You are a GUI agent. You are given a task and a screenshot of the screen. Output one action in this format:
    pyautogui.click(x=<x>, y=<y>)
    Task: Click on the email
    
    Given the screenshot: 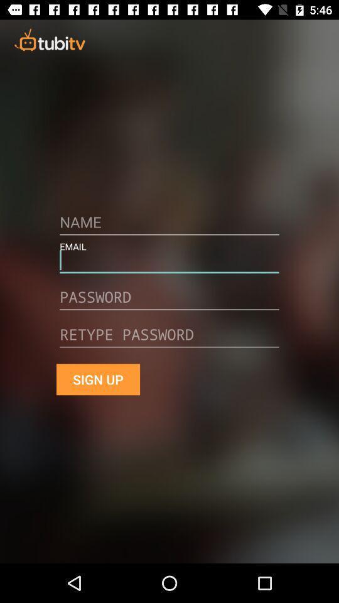 What is the action you would take?
    pyautogui.click(x=169, y=264)
    